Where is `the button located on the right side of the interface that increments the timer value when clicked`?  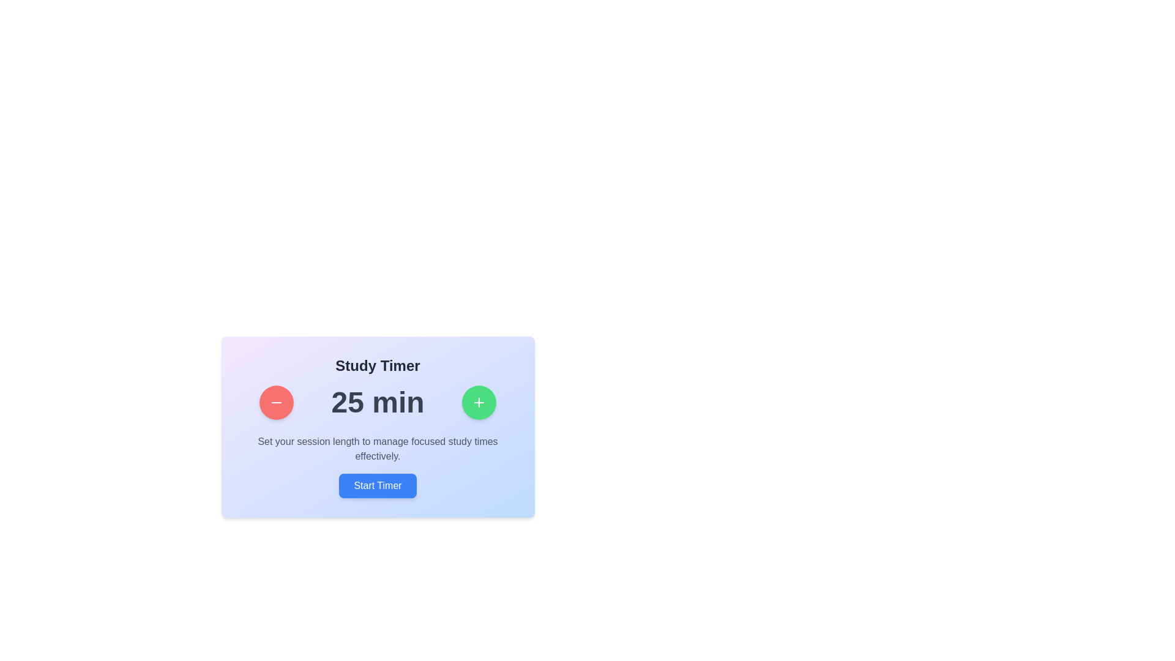 the button located on the right side of the interface that increments the timer value when clicked is located at coordinates (478, 403).